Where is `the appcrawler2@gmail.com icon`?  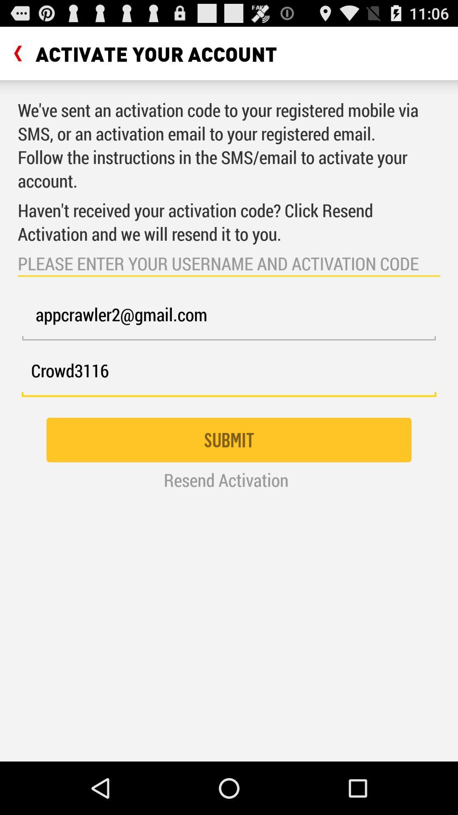 the appcrawler2@gmail.com icon is located at coordinates (229, 319).